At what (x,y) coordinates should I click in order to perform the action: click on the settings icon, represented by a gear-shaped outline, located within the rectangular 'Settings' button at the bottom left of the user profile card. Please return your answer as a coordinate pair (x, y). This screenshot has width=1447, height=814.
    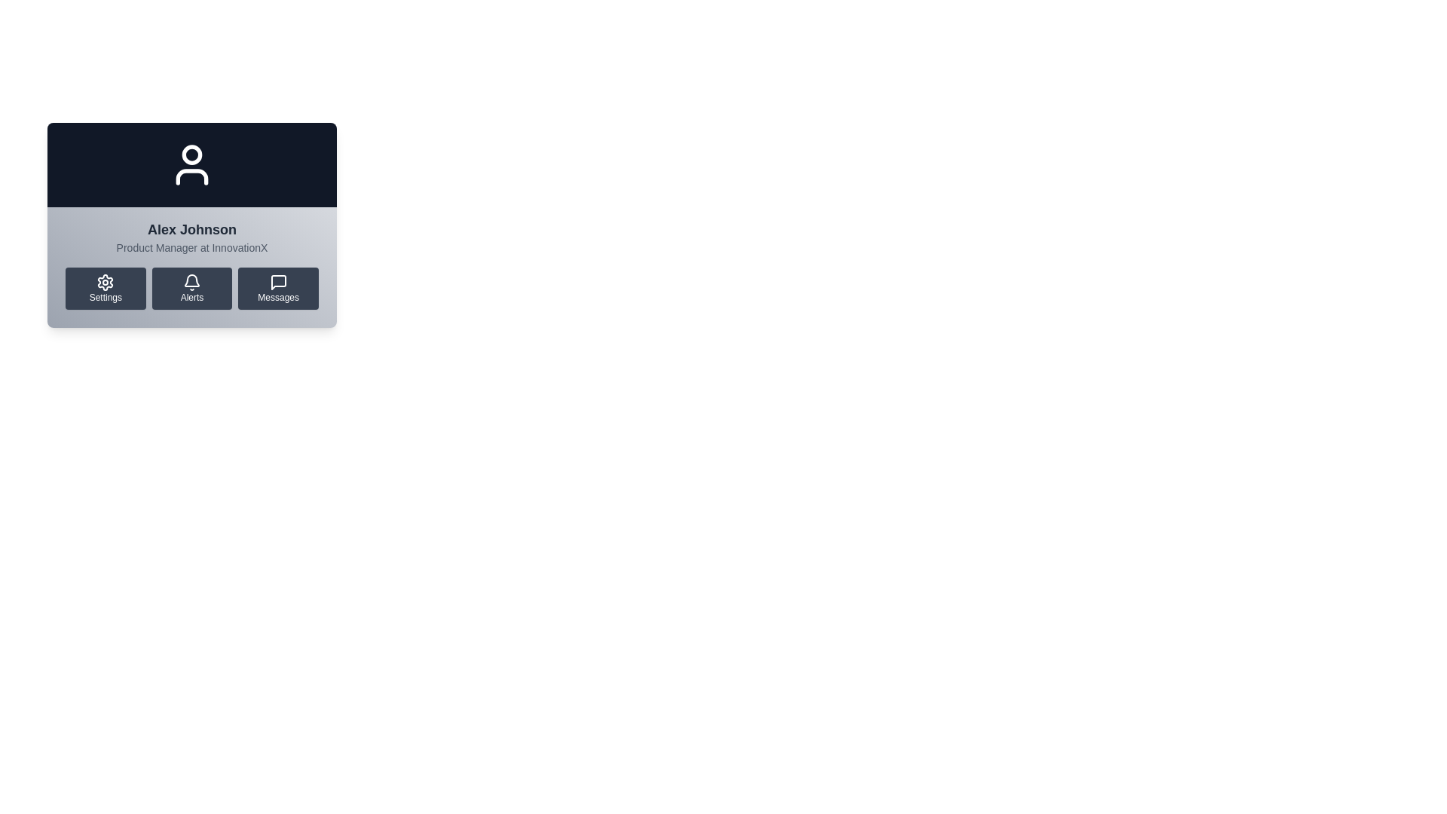
    Looking at the image, I should click on (105, 282).